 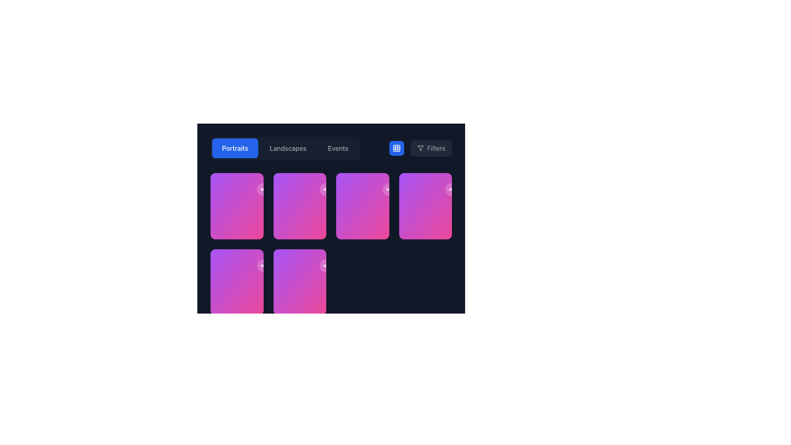 What do you see at coordinates (276, 265) in the screenshot?
I see `the bookmark button located in the bottom right corner of the grid` at bounding box center [276, 265].